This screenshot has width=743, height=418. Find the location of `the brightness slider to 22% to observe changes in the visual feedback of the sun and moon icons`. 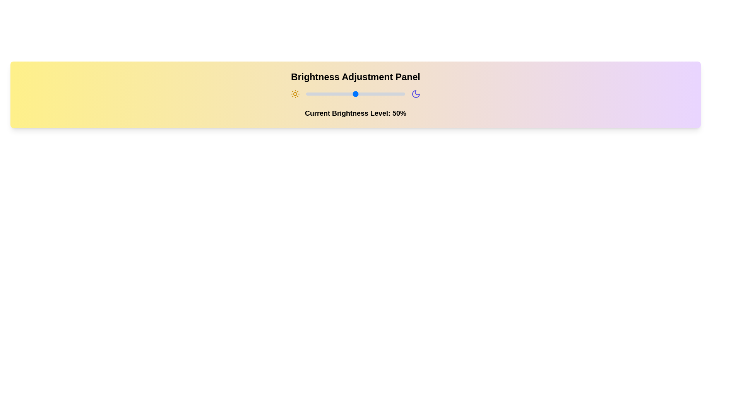

the brightness slider to 22% to observe changes in the visual feedback of the sun and moon icons is located at coordinates (328, 94).